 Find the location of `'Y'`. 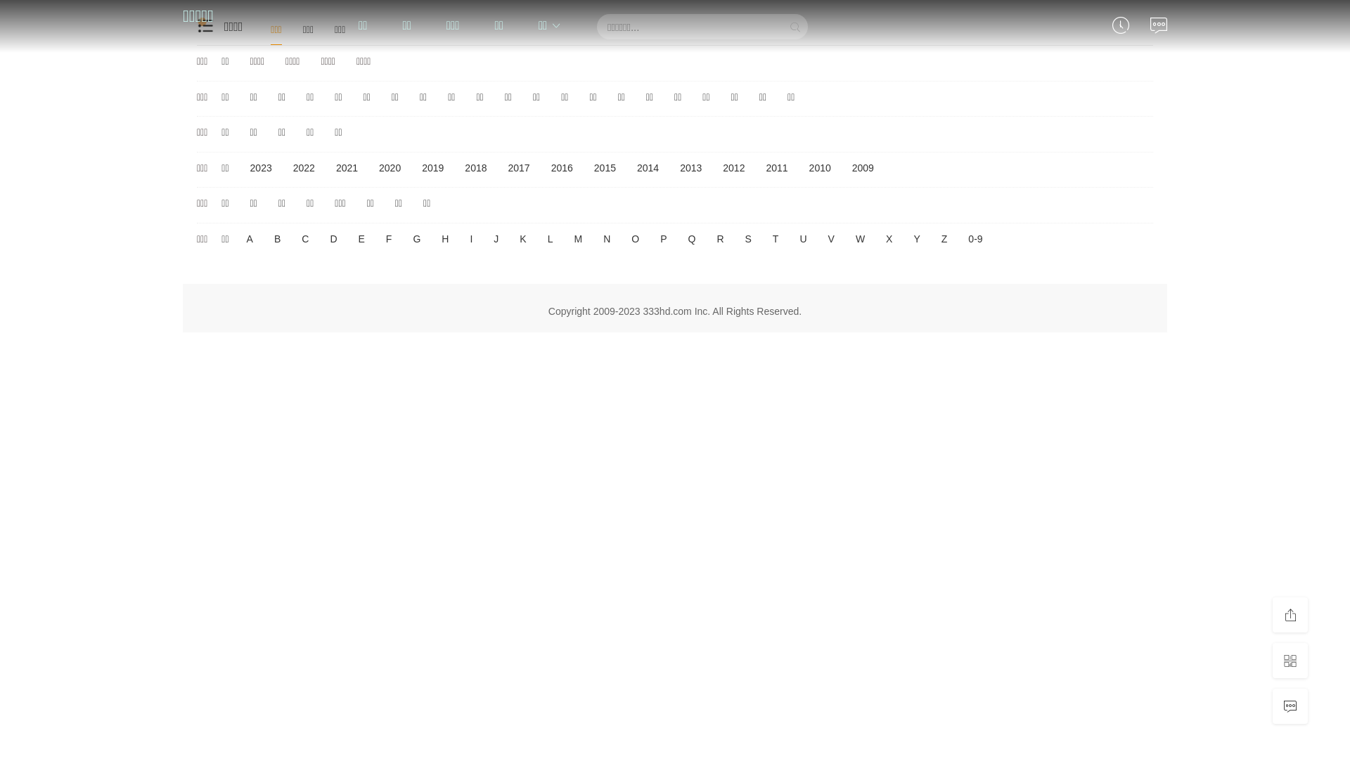

'Y' is located at coordinates (916, 238).